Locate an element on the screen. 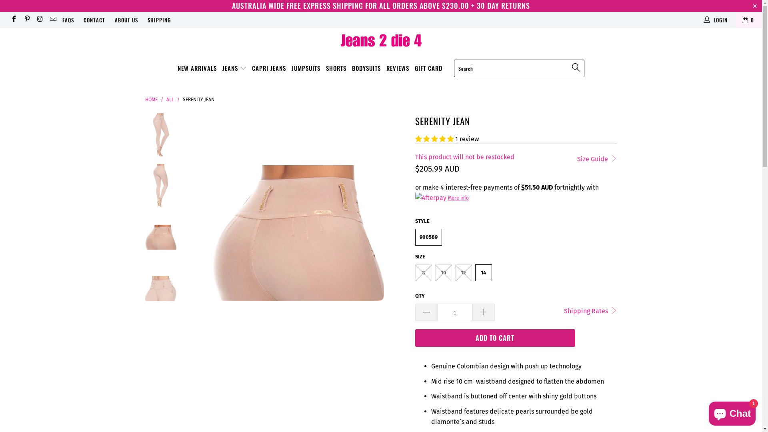  'NEW ARRIVALS' is located at coordinates (197, 68).